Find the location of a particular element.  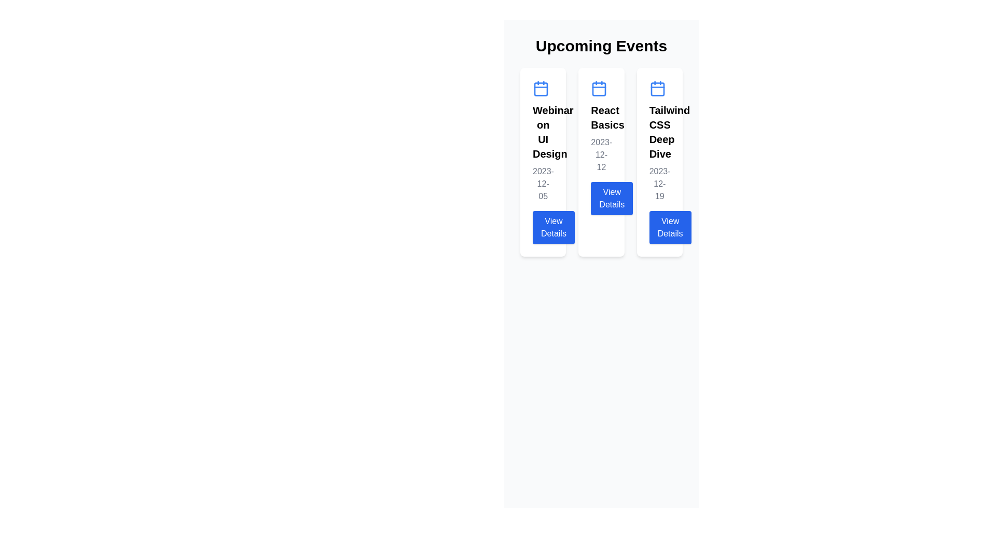

the static text display showing the date '2023-12-12' located beneath the title 'React Basics' in the second card of a three-card layout is located at coordinates (601, 155).